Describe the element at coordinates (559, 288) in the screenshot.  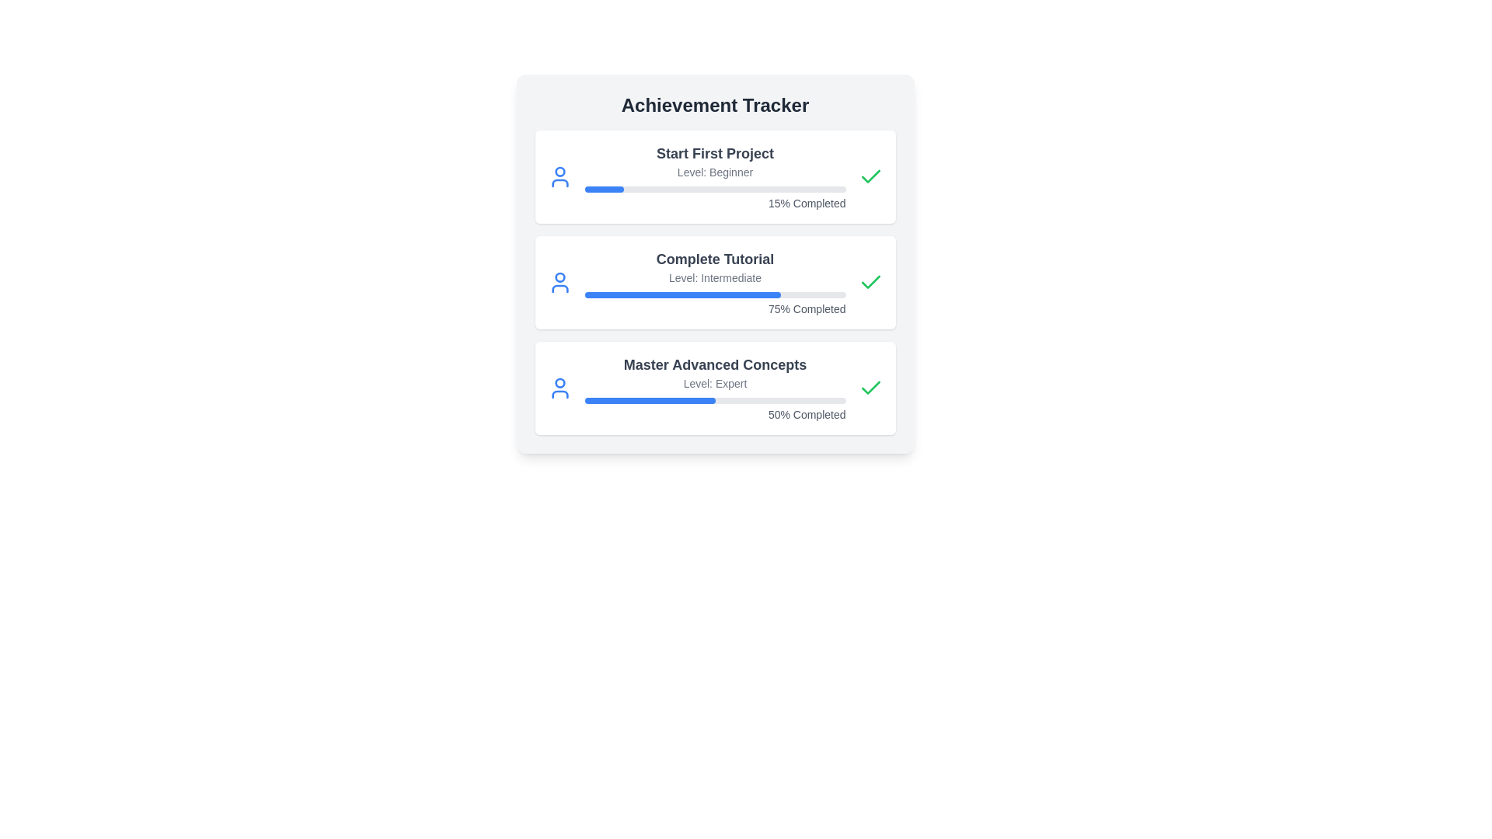
I see `the lower part of the user profile icon, specifically the curved line representing the shoulders and upper body, associated with the 'Complete Tutorial' task` at that location.